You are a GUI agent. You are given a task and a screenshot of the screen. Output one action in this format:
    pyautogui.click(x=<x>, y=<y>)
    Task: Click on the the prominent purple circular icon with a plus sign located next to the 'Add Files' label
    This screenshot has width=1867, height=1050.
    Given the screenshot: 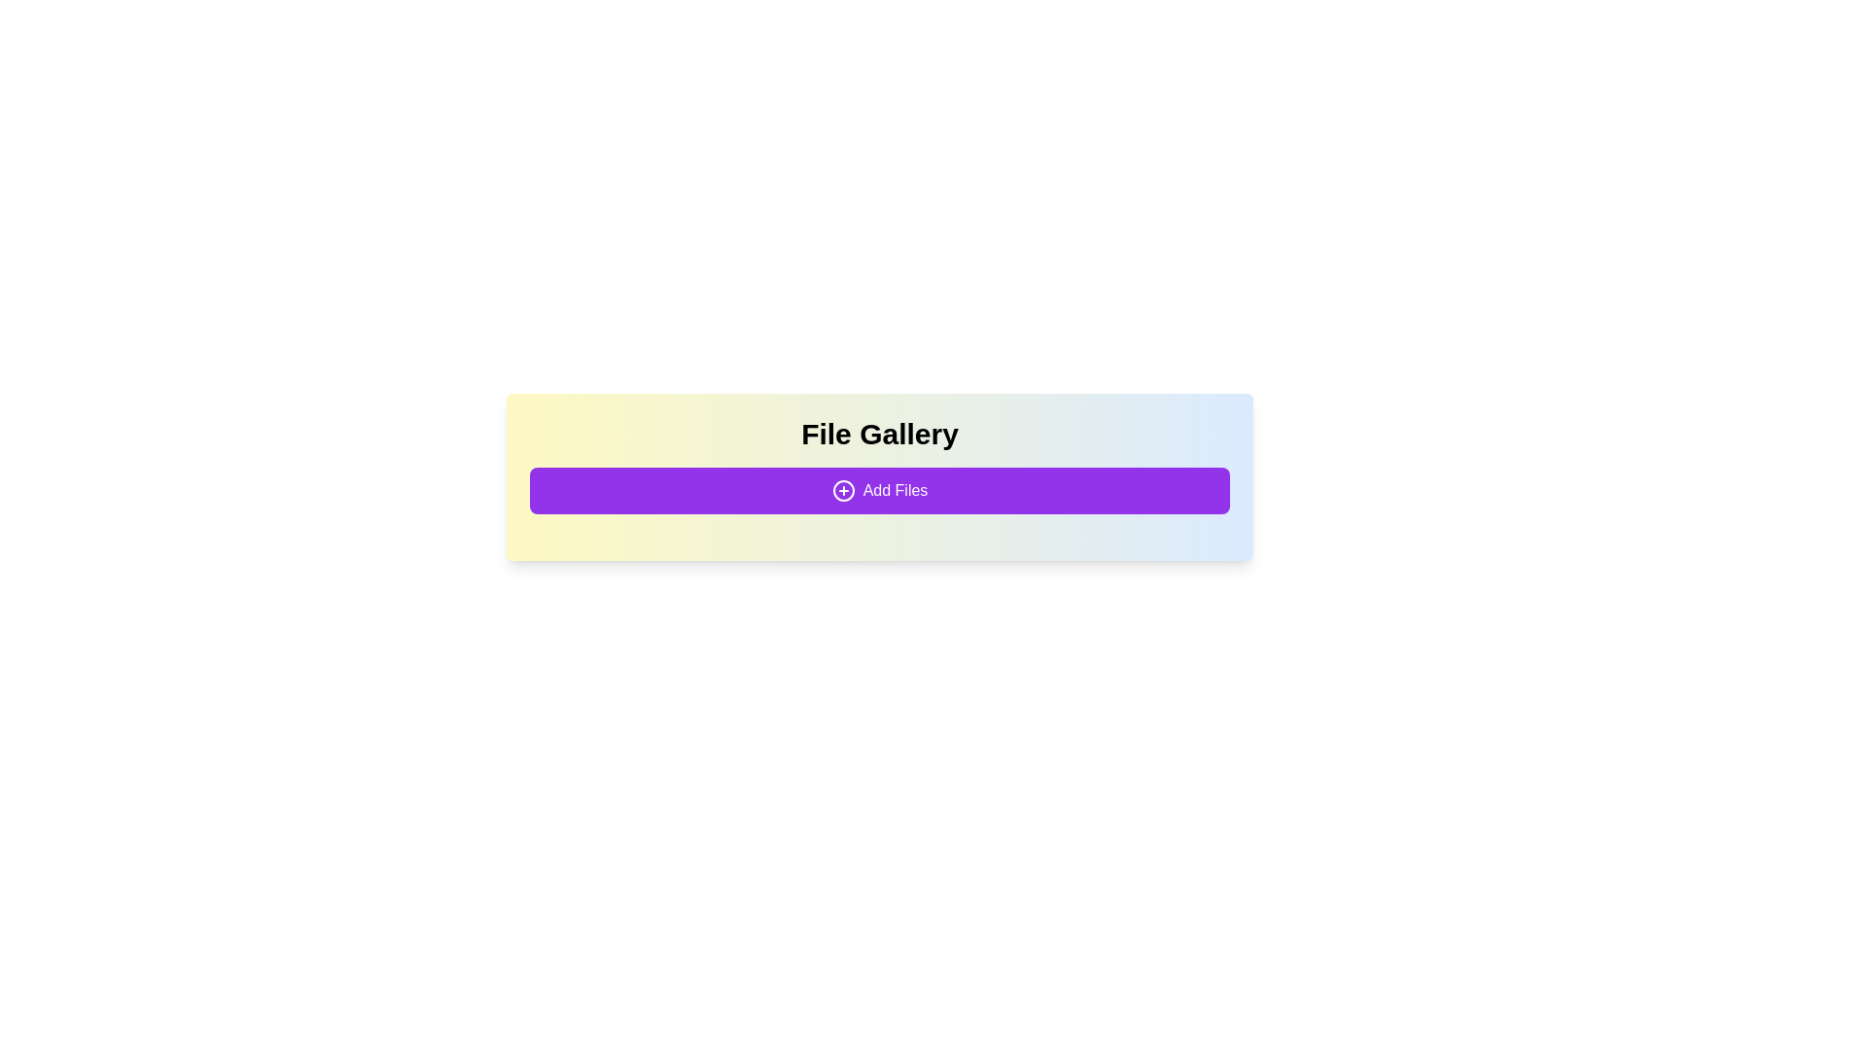 What is the action you would take?
    pyautogui.click(x=843, y=490)
    